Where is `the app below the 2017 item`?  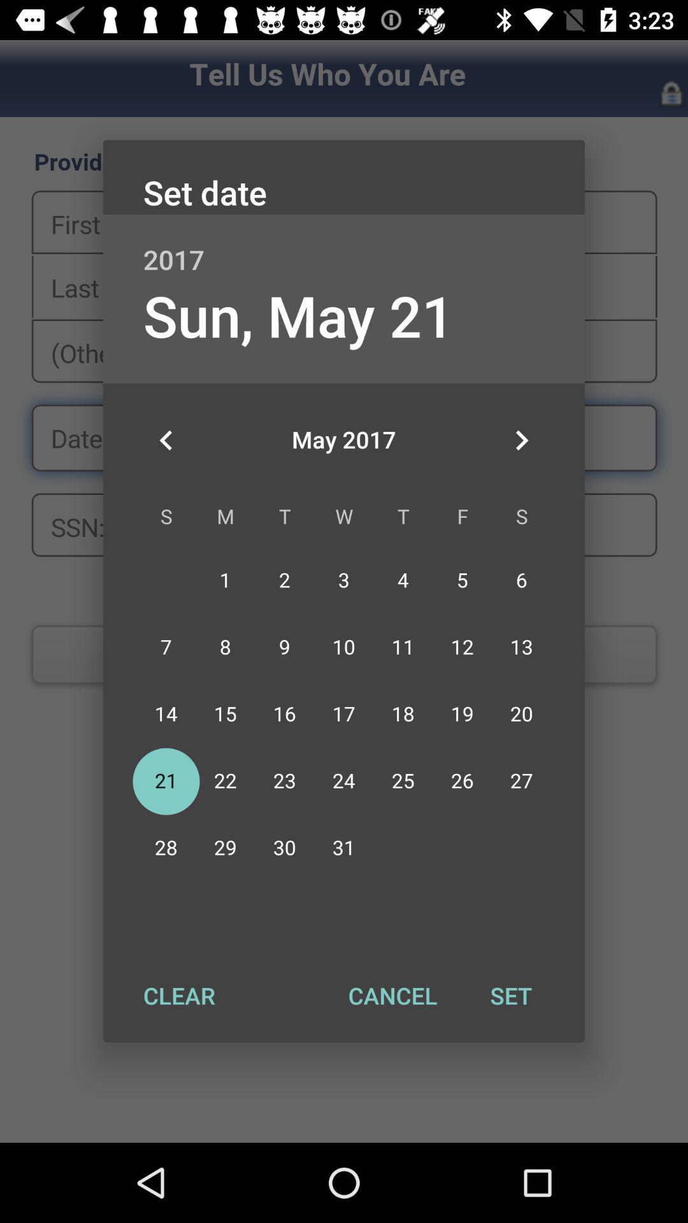 the app below the 2017 item is located at coordinates (299, 315).